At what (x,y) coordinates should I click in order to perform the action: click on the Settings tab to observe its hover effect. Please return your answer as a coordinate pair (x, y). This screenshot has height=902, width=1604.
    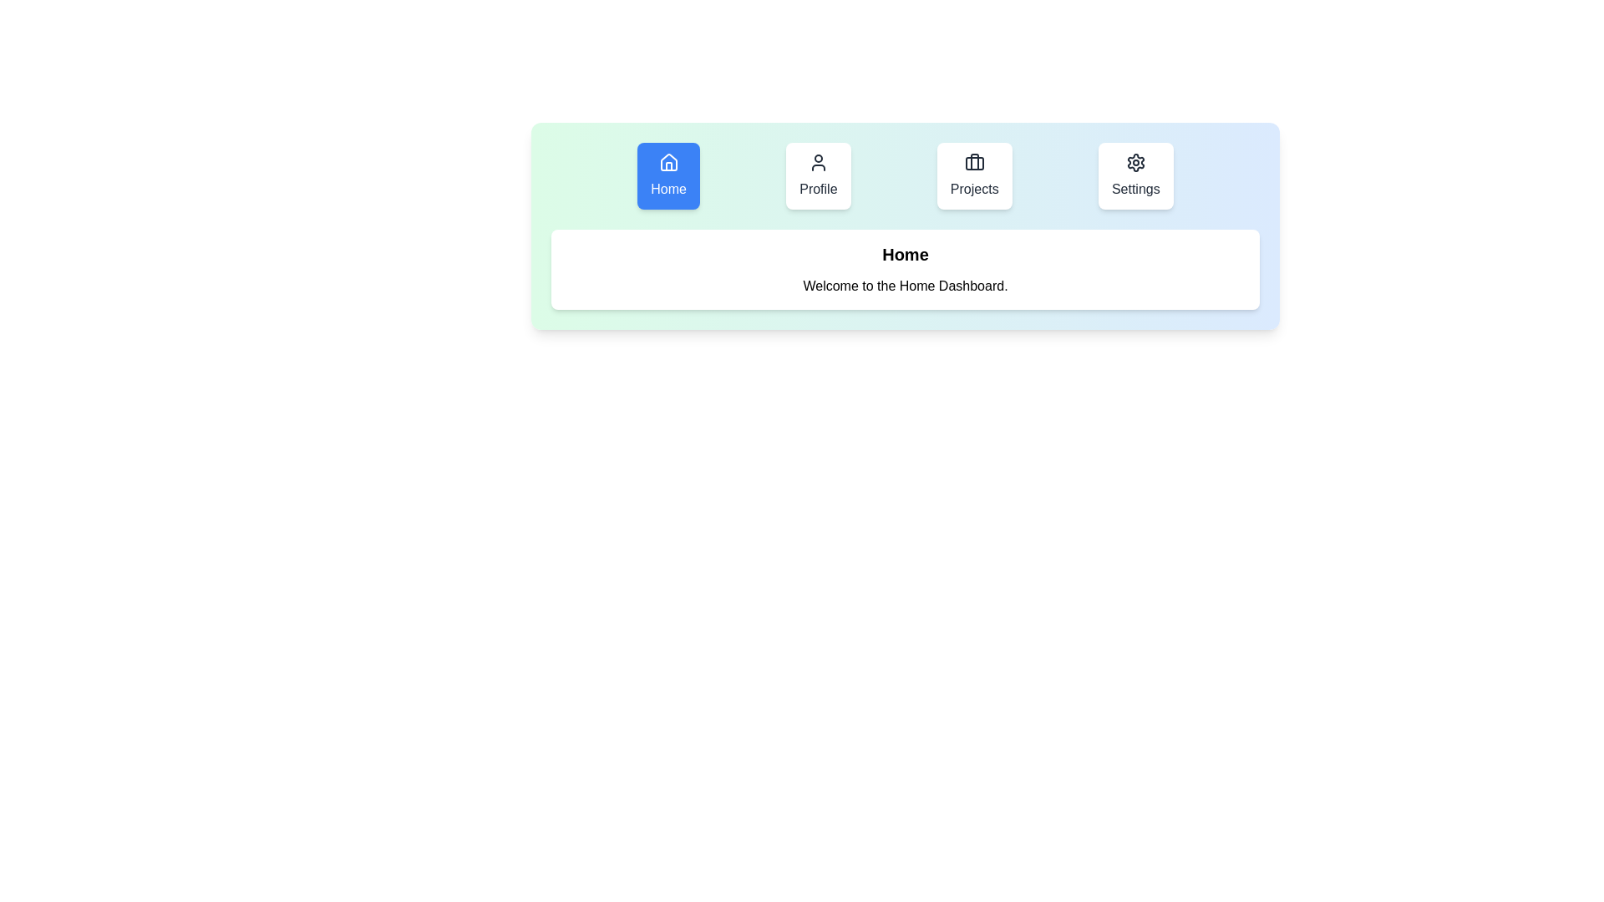
    Looking at the image, I should click on (1135, 176).